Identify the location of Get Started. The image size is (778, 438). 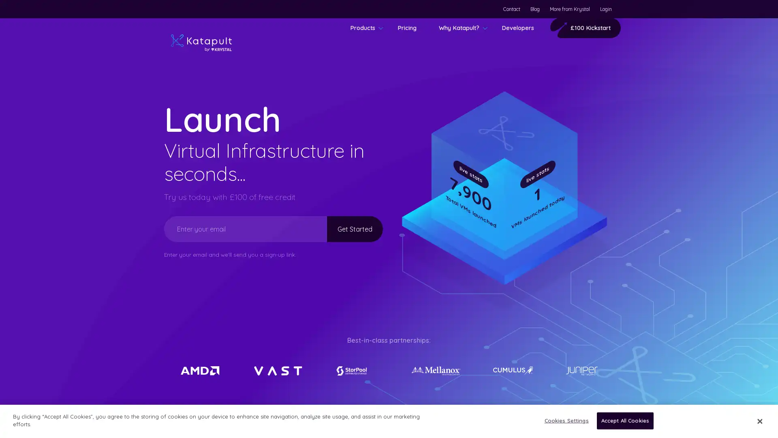
(346, 228).